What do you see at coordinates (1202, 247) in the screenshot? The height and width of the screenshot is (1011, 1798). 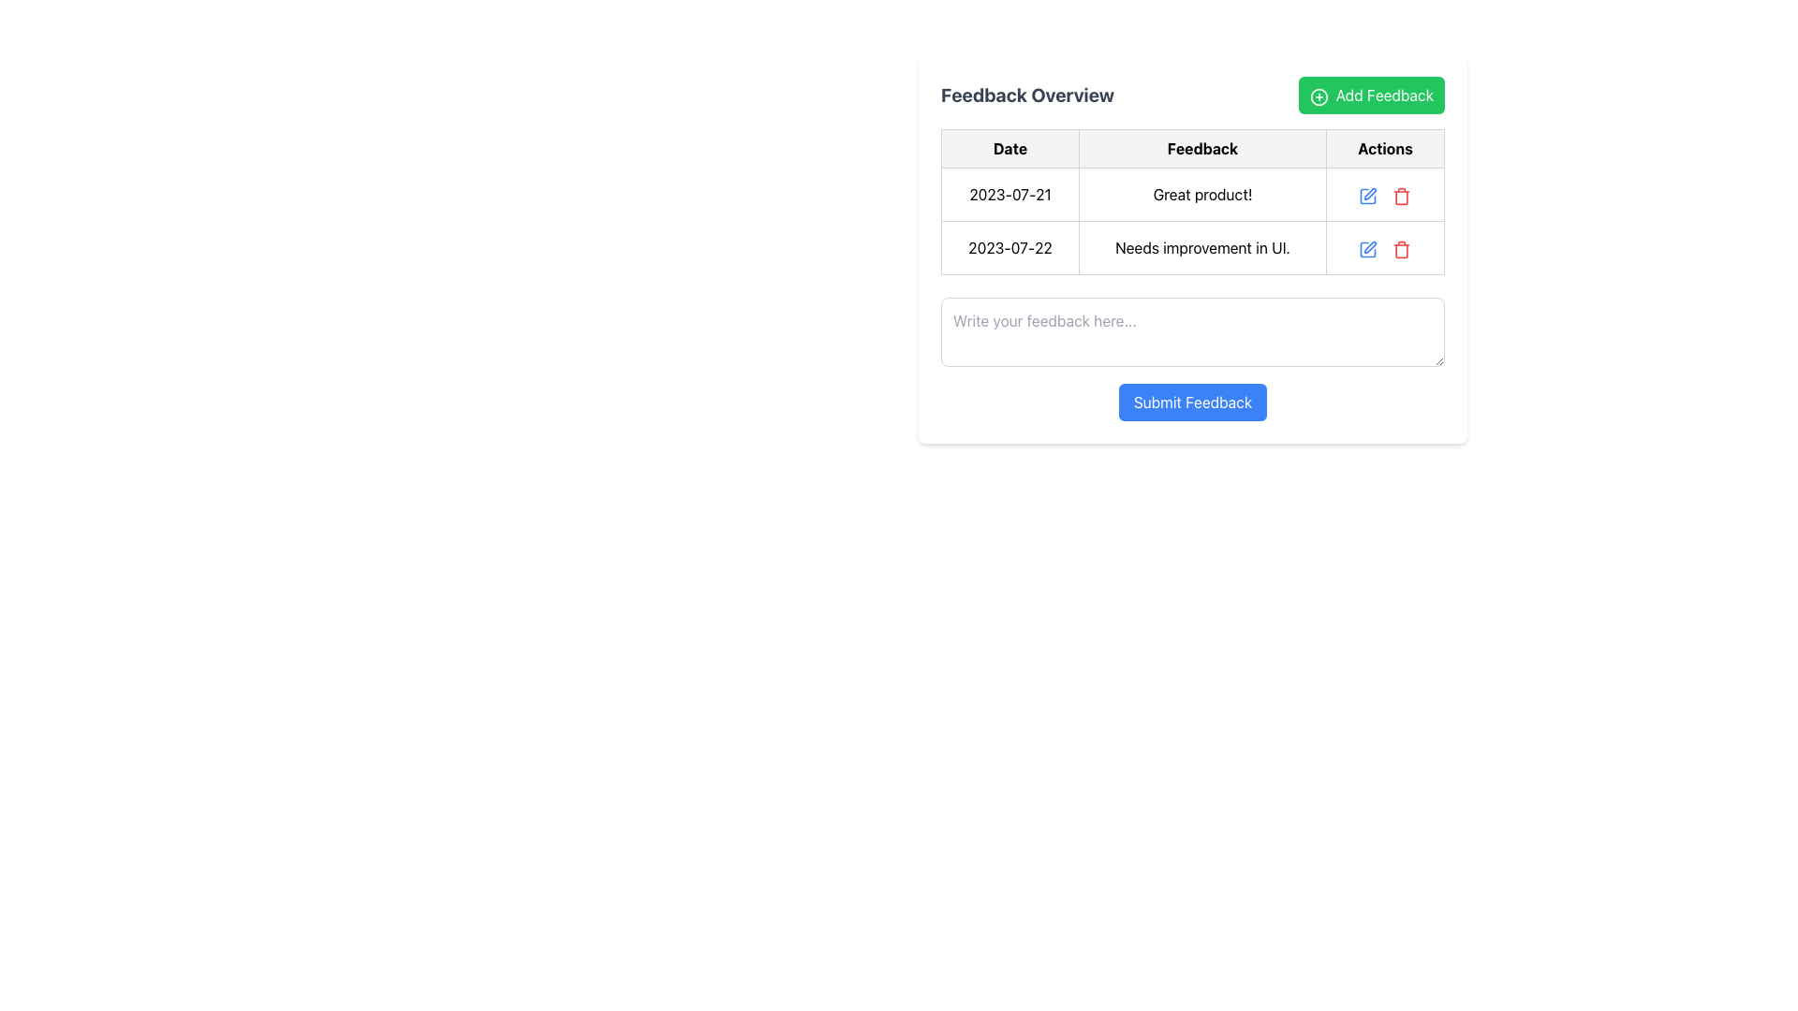 I see `the text box containing the message 'Needs improvement in UI.' located in the second row of the feedback table` at bounding box center [1202, 247].